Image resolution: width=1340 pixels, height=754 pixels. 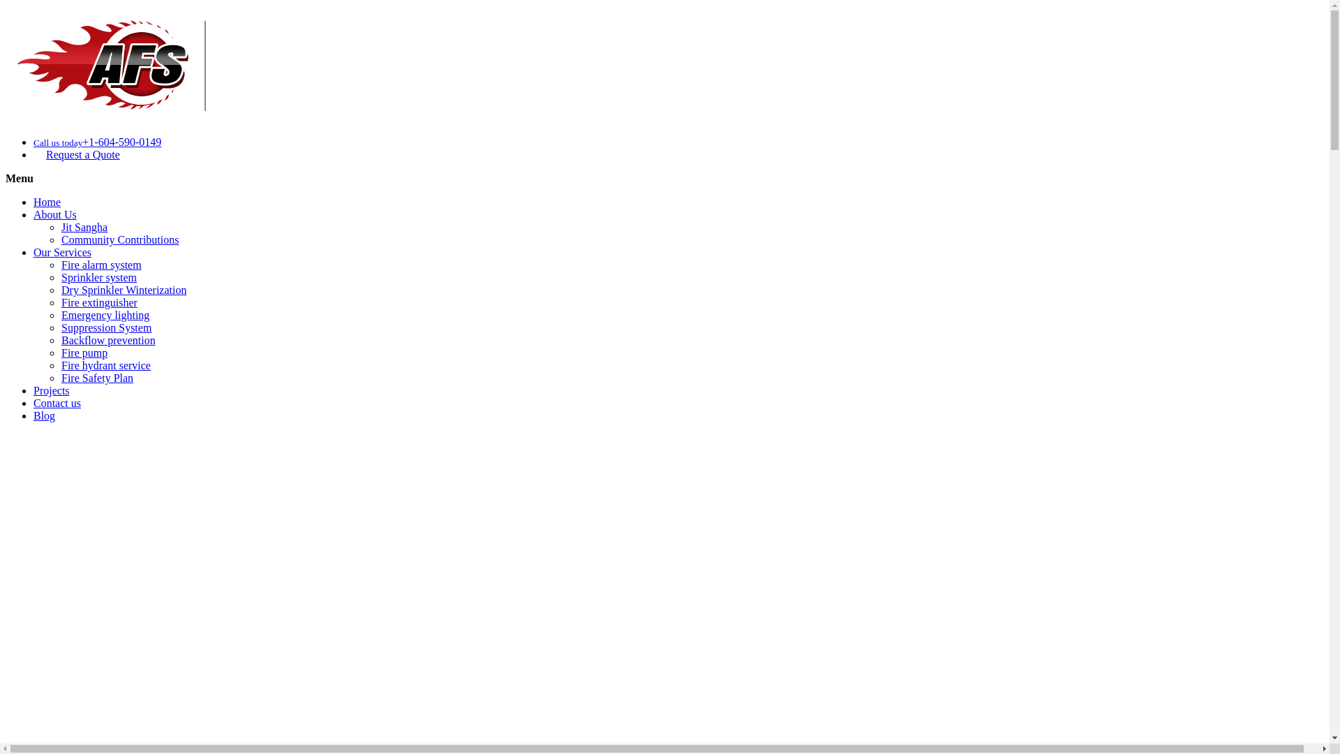 What do you see at coordinates (105, 327) in the screenshot?
I see `'Suppression System'` at bounding box center [105, 327].